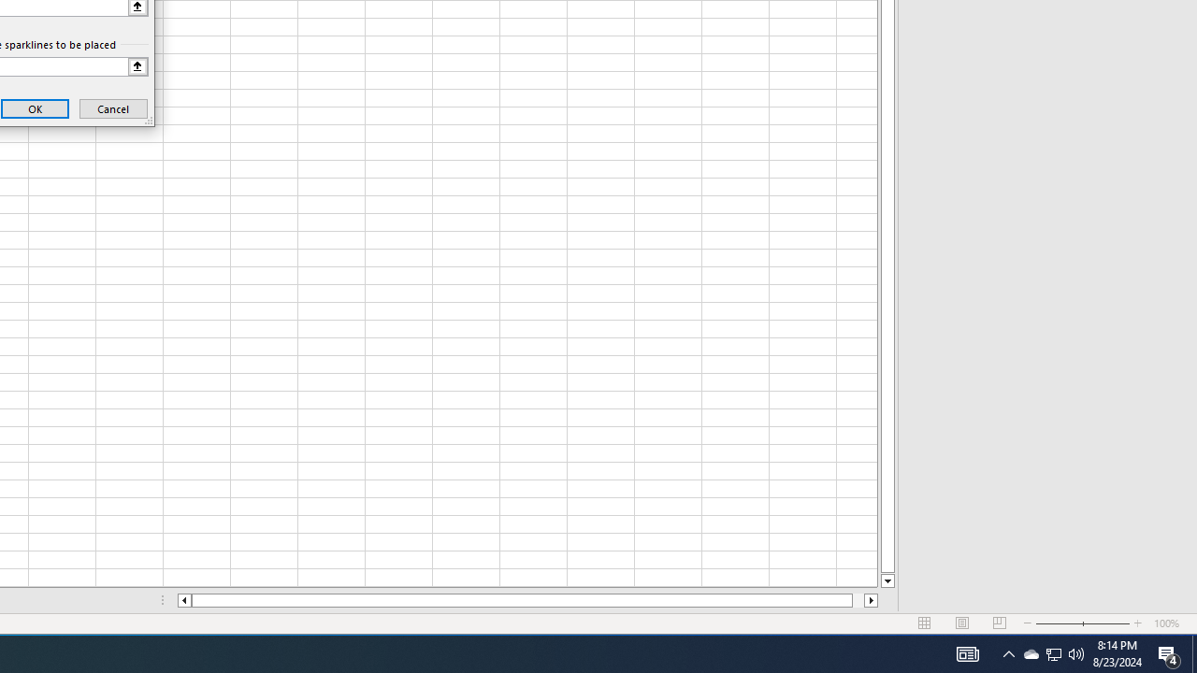 This screenshot has width=1197, height=673. What do you see at coordinates (1030, 652) in the screenshot?
I see `'Zoom Out'` at bounding box center [1030, 652].